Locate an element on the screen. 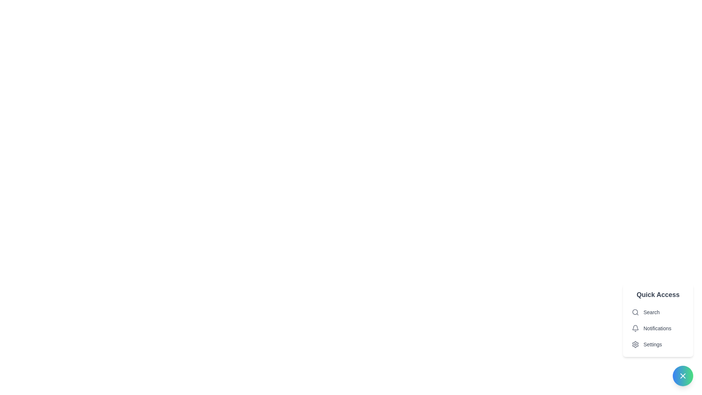 This screenshot has height=395, width=702. the minimalist gray outline gear icon located to the left of the 'Settings' option is located at coordinates (635, 344).